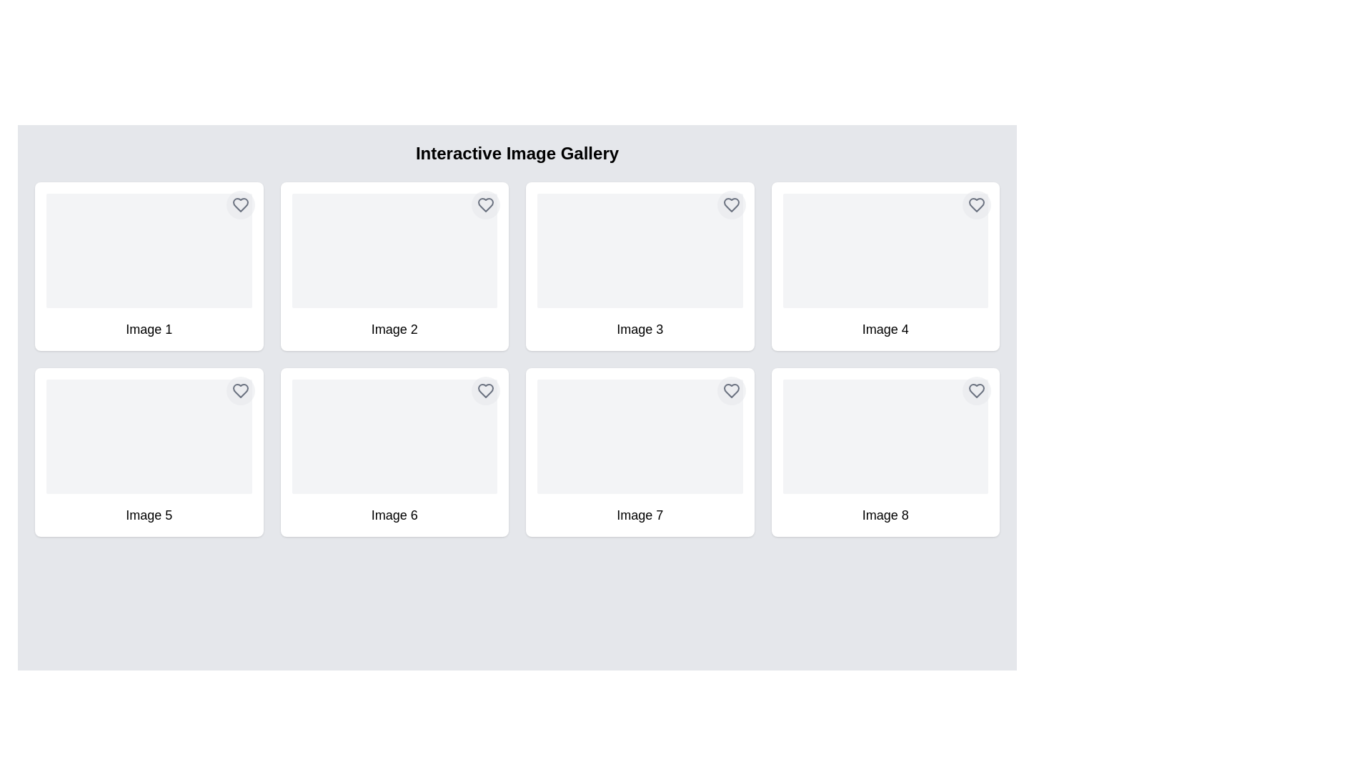 The height and width of the screenshot is (772, 1372). I want to click on the heart-shaped icon with a gray border located in the top-right corner of the card labeled 'Image 4', so click(976, 204).